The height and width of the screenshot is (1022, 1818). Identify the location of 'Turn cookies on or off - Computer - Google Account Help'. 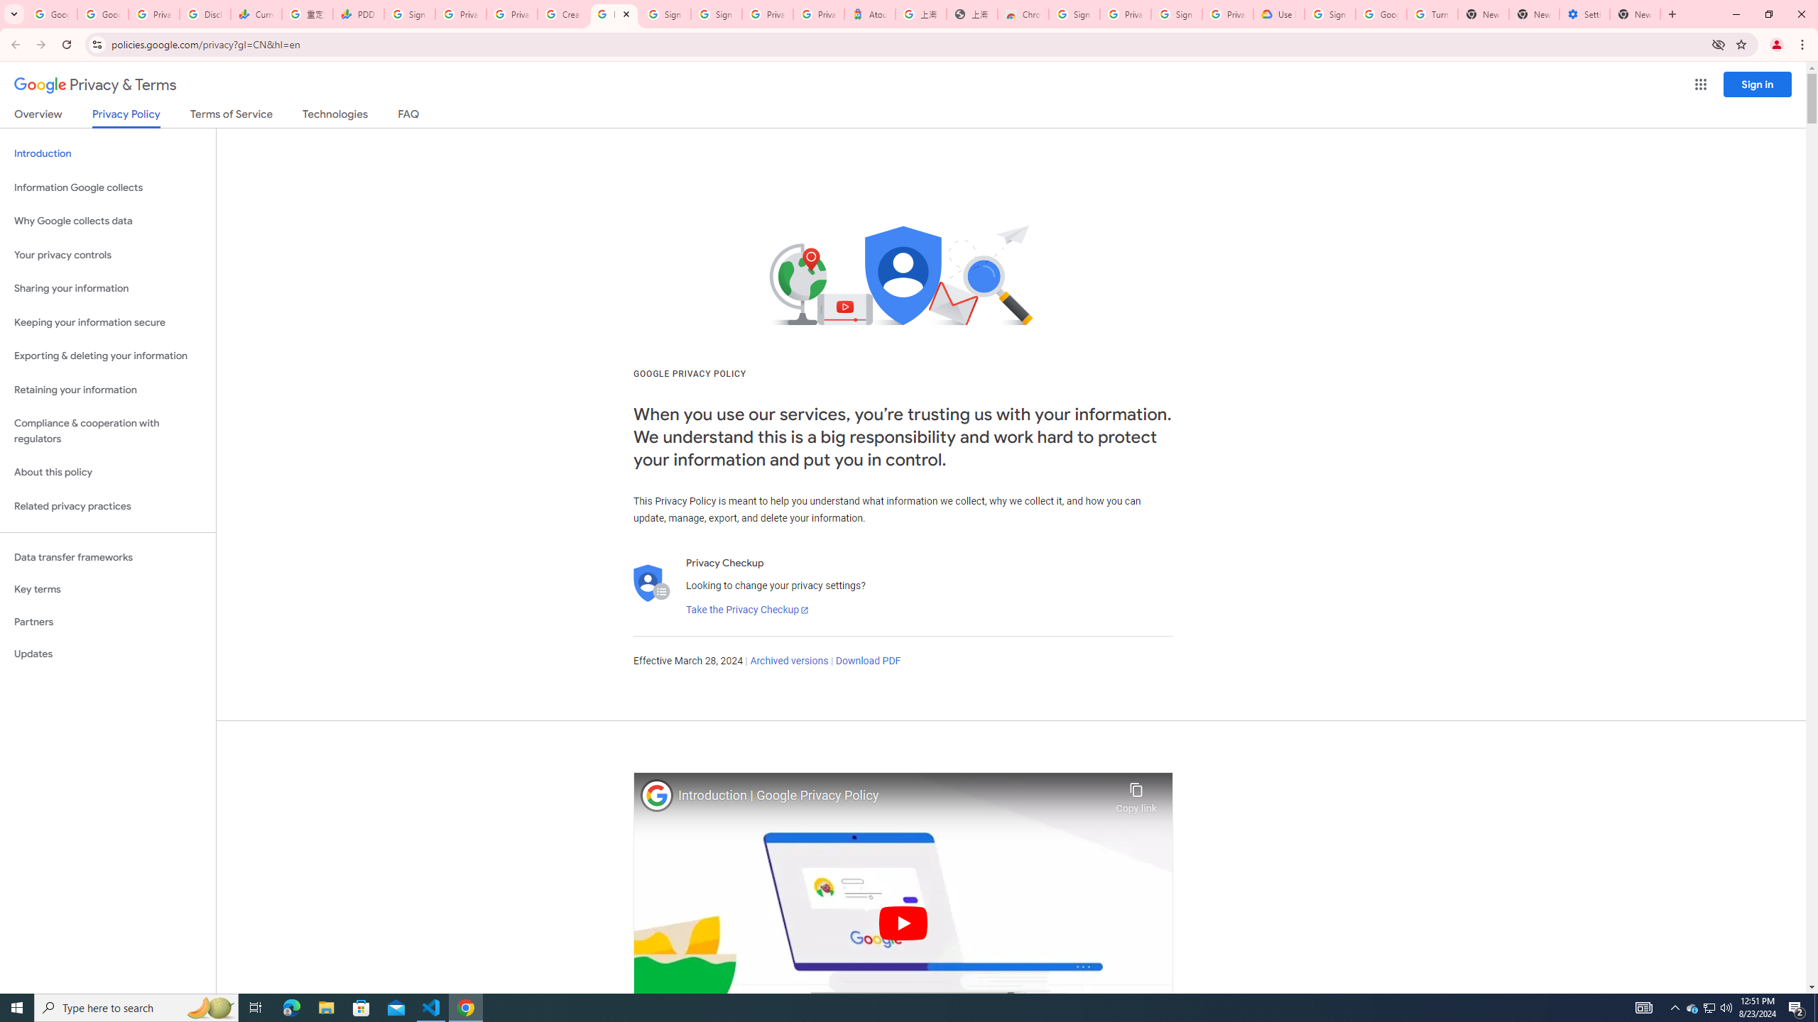
(1431, 13).